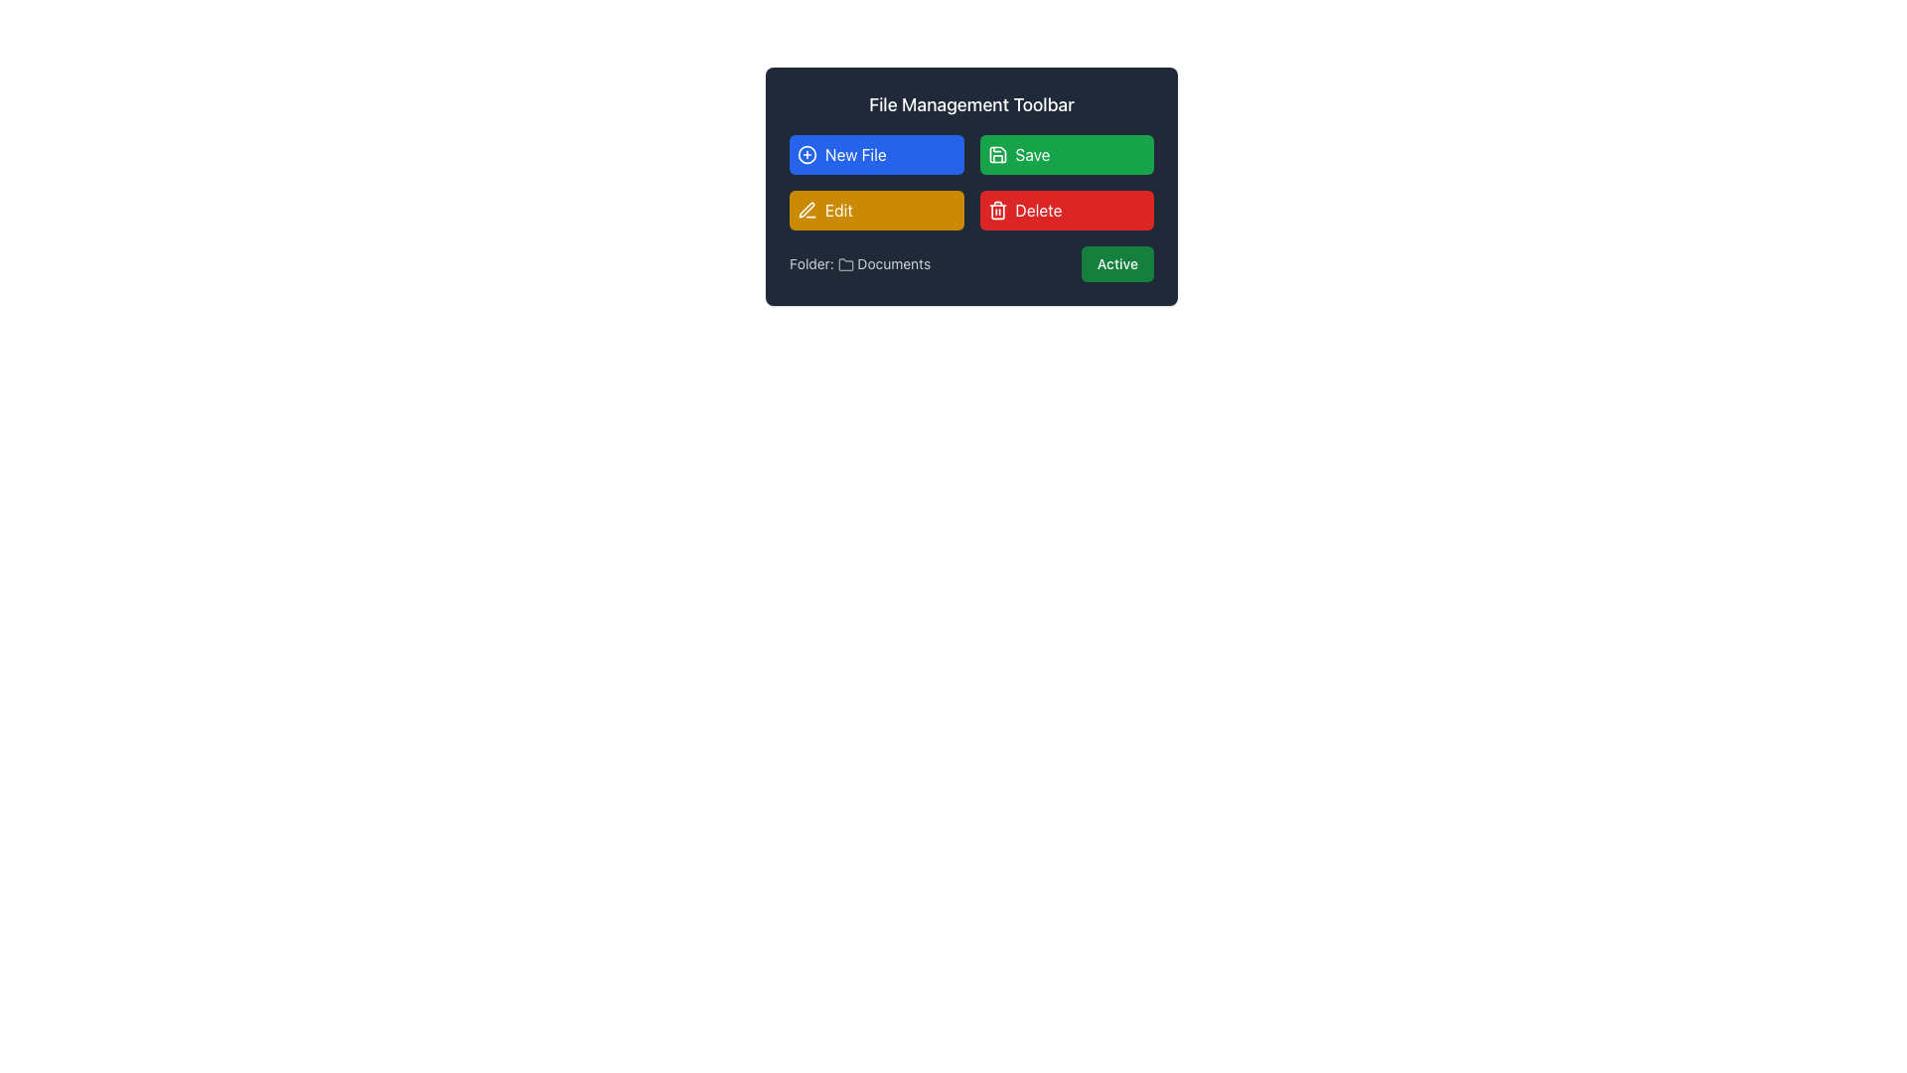 This screenshot has height=1073, width=1907. Describe the element at coordinates (807, 210) in the screenshot. I see `the pen tool icon representing the 'Edit' action, located centrally within the 'Edit' button in the second row of the toolbar interface` at that location.